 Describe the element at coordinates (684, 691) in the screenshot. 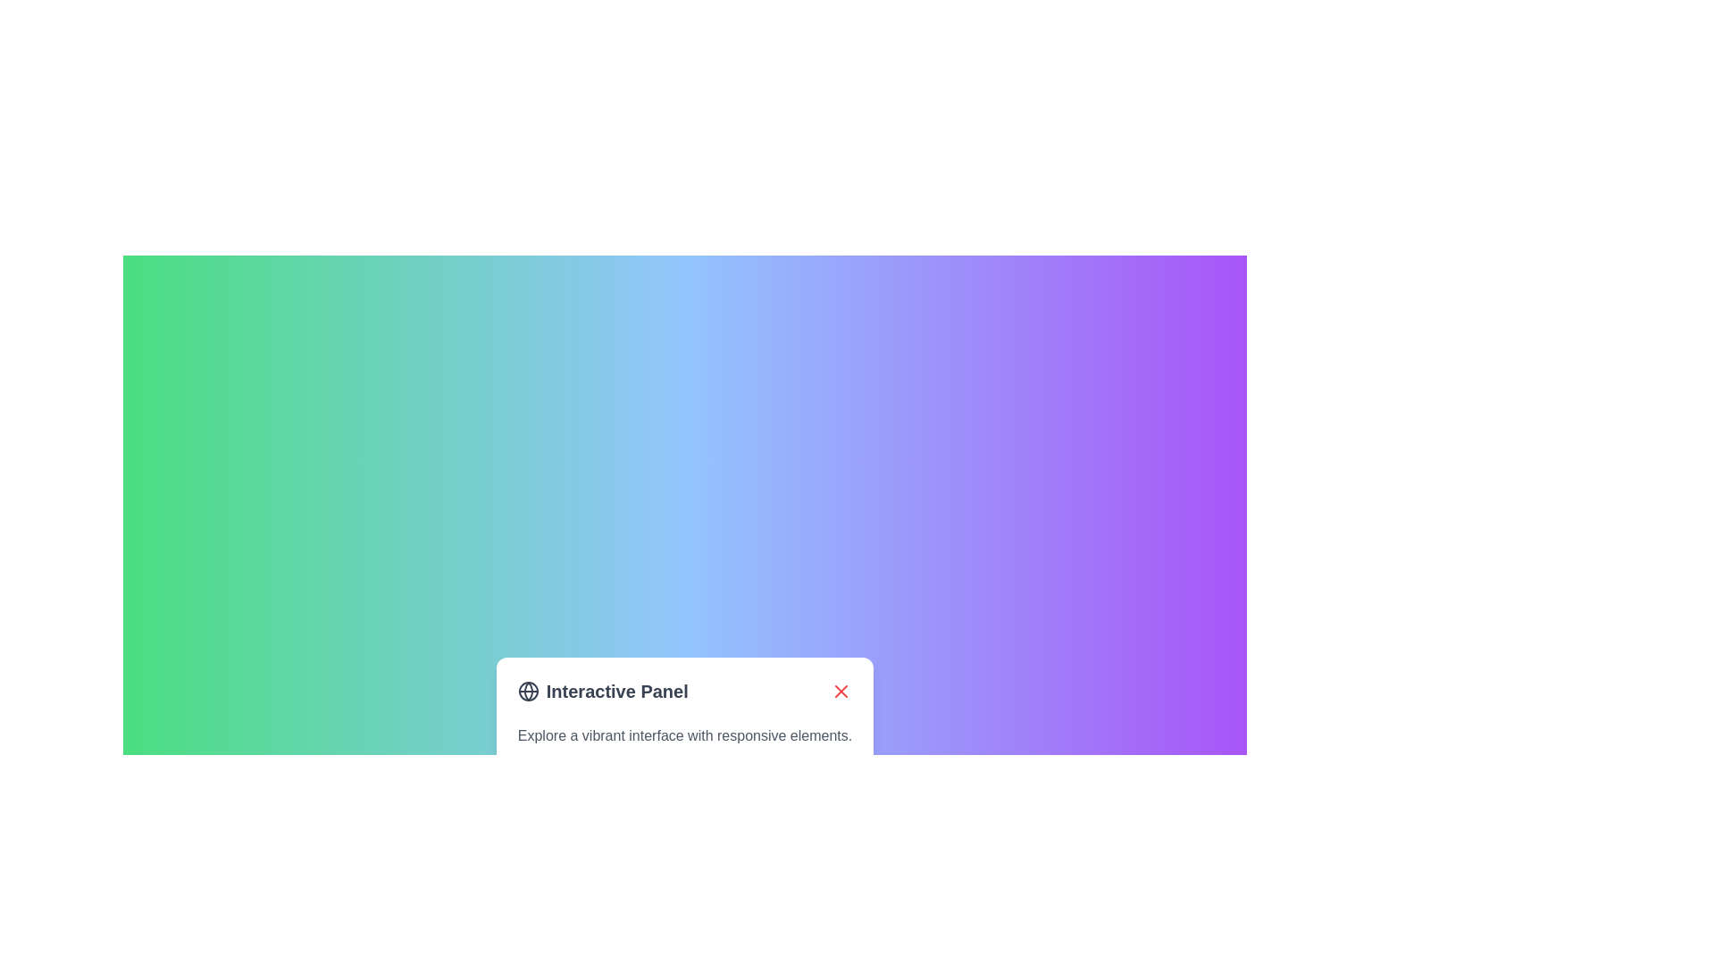

I see `the globe icon located in the header of the Interactive Panel, which includes a title and a close button on the right` at that location.